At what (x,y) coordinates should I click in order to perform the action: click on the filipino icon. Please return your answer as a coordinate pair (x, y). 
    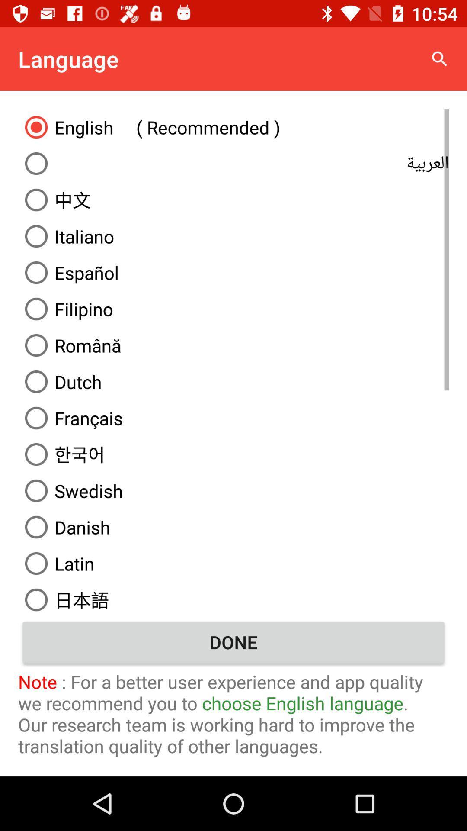
    Looking at the image, I should click on (233, 309).